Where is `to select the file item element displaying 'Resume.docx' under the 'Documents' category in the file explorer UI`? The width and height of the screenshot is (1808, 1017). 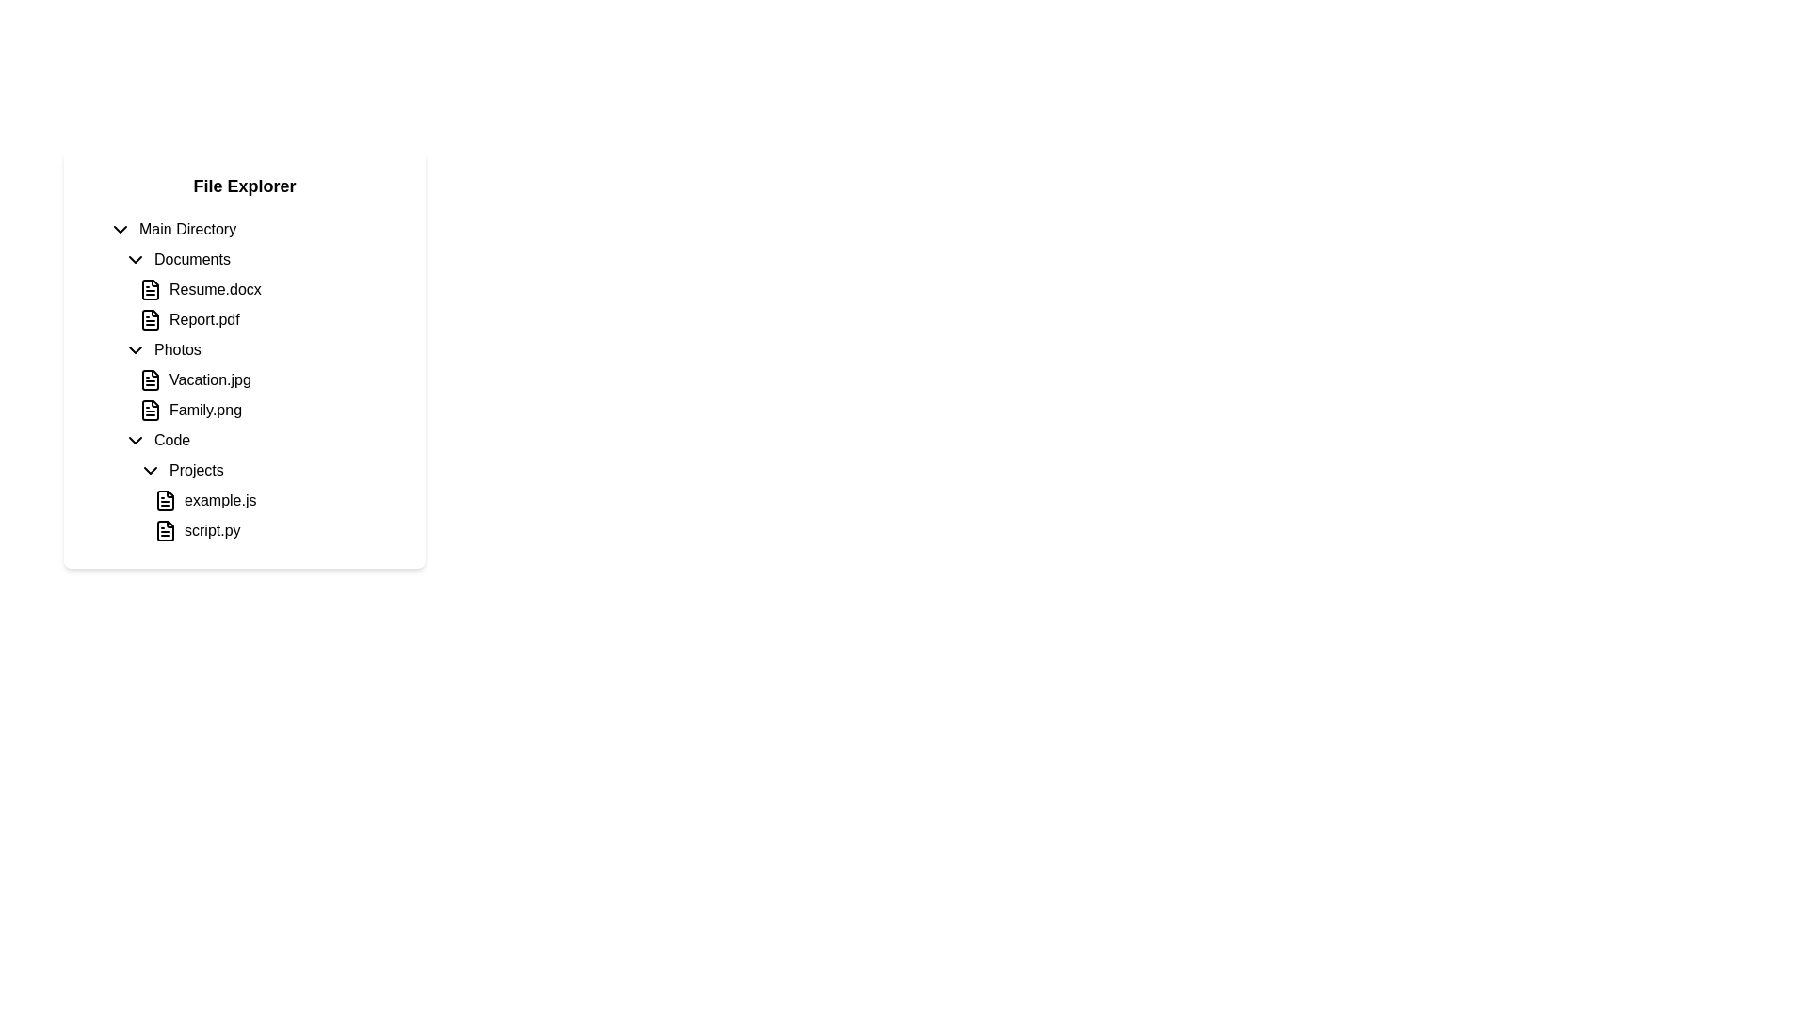
to select the file item element displaying 'Resume.docx' under the 'Documents' category in the file explorer UI is located at coordinates (251, 290).